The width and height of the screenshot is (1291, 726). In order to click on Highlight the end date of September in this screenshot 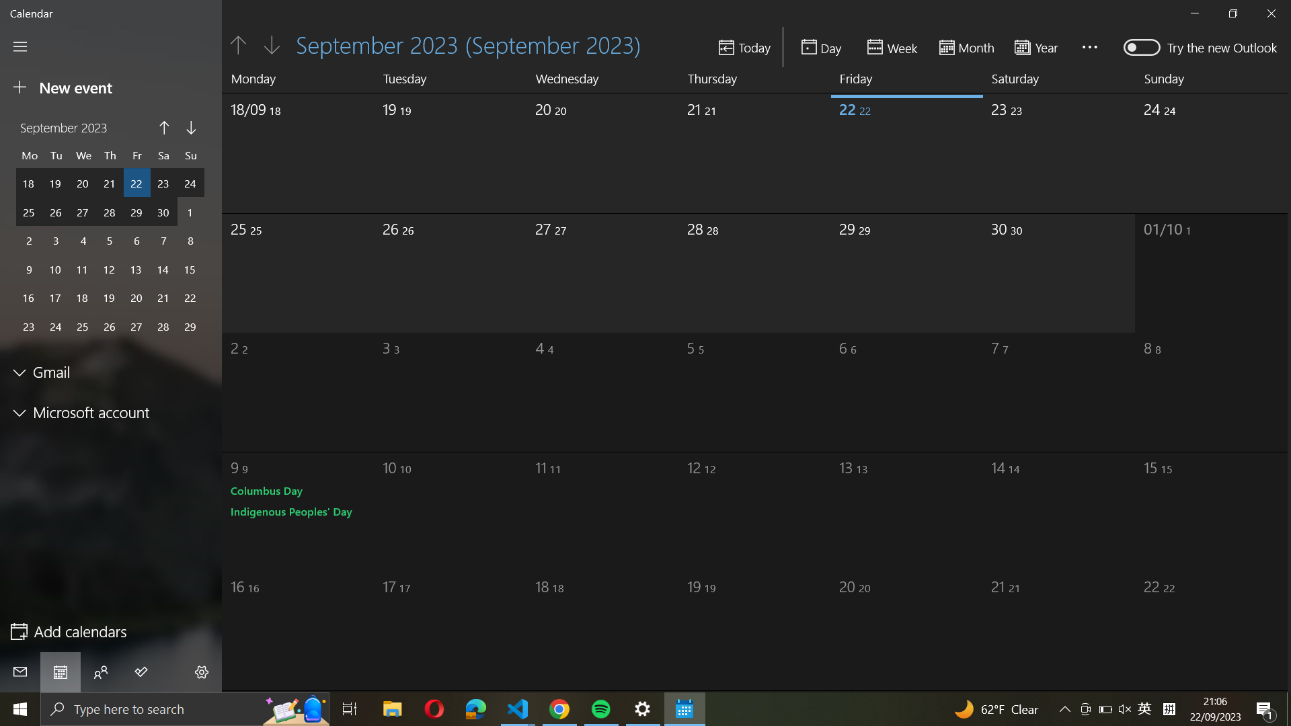, I will do `click(1060, 148)`.